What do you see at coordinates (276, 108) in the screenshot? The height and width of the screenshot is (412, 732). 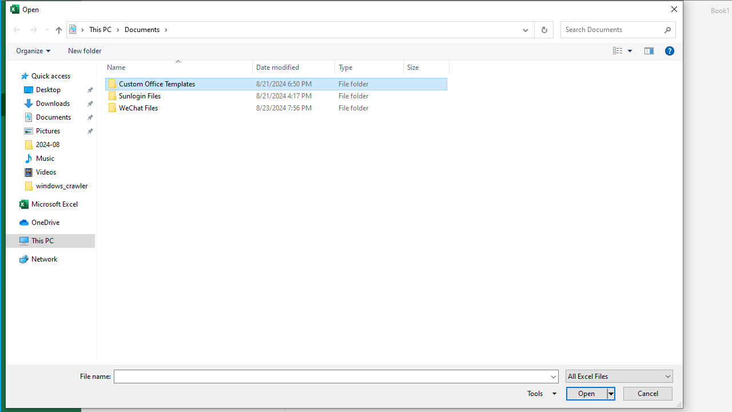 I see `'WeChat Files'` at bounding box center [276, 108].